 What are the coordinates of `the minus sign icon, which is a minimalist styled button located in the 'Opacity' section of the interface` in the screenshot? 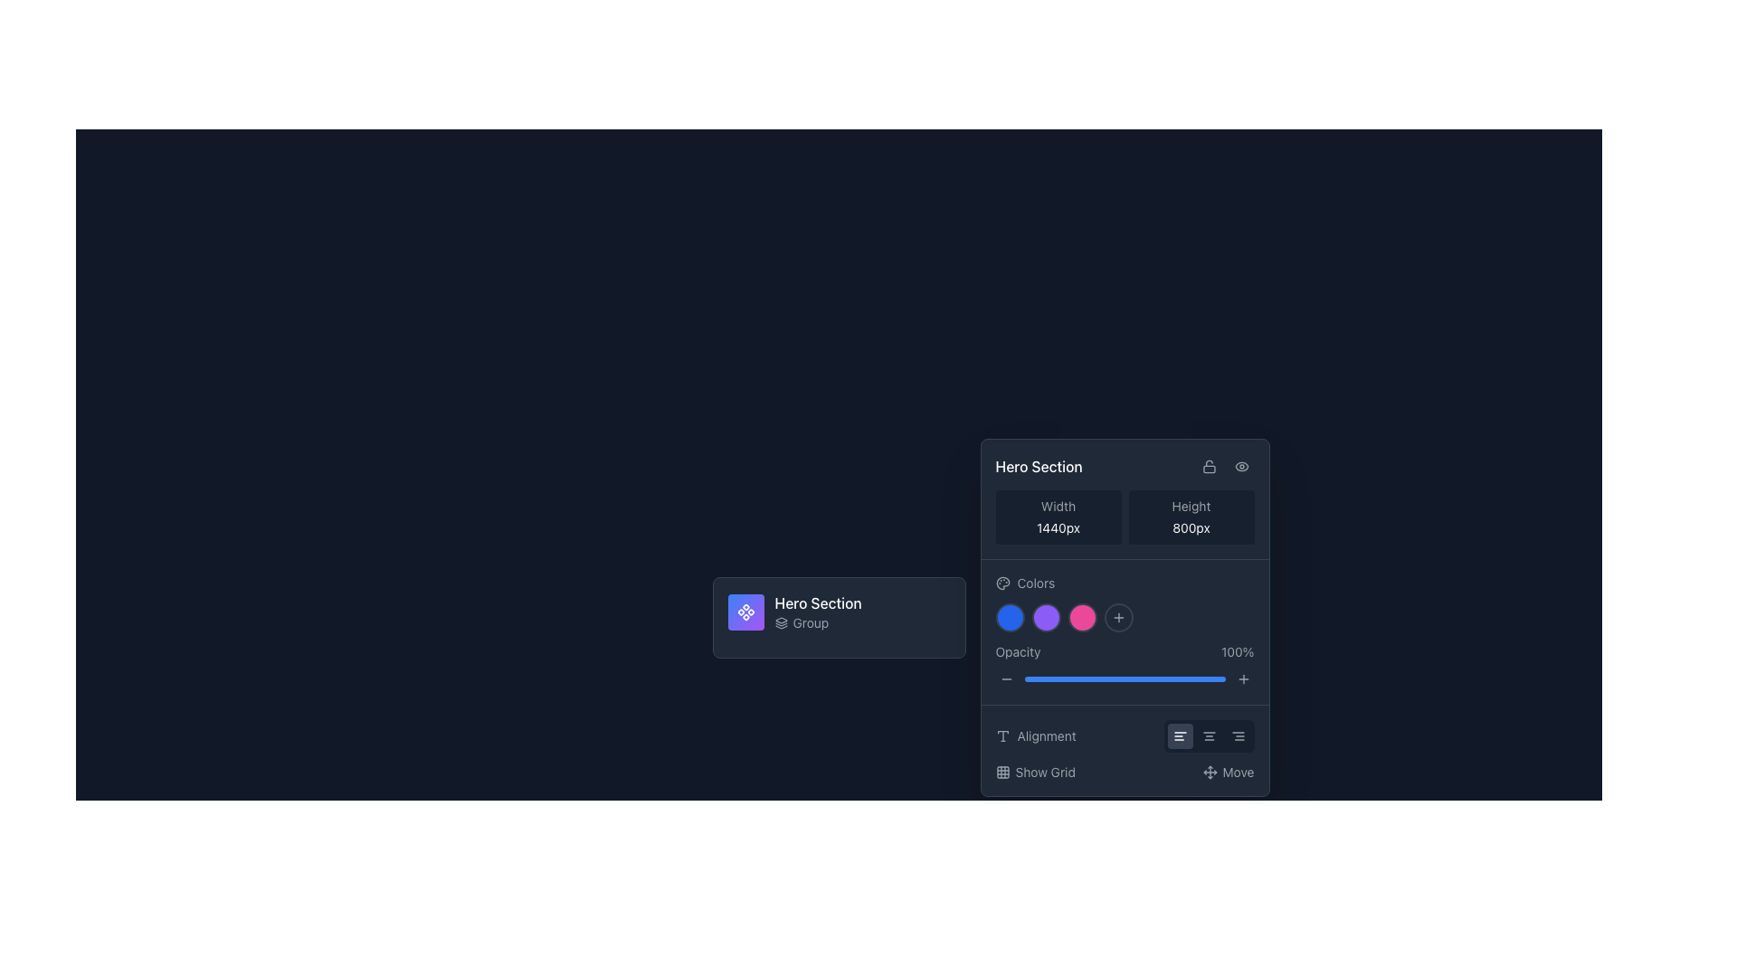 It's located at (1005, 679).